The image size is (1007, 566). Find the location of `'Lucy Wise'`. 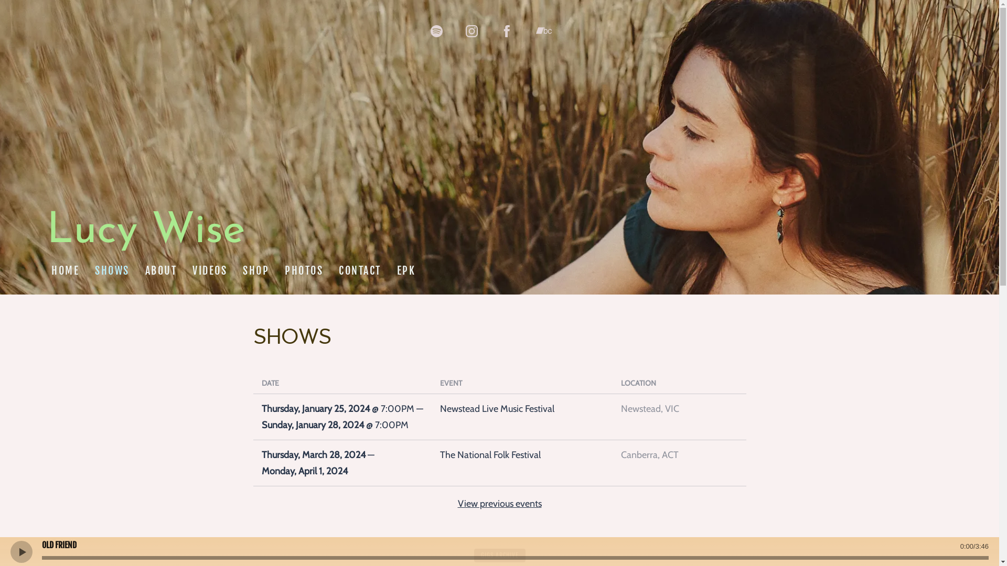

'Lucy Wise' is located at coordinates (145, 237).